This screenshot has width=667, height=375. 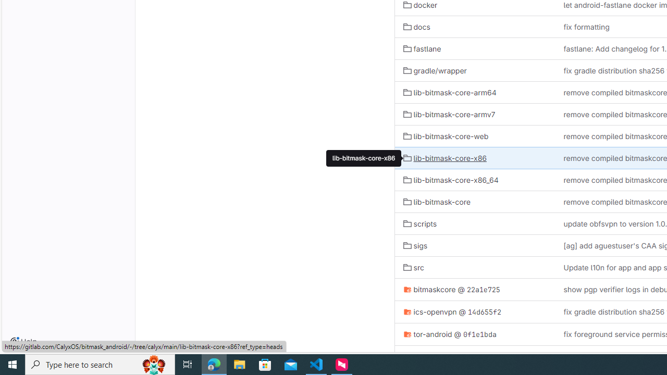 What do you see at coordinates (484, 311) in the screenshot?
I see `'14d655f2'` at bounding box center [484, 311].